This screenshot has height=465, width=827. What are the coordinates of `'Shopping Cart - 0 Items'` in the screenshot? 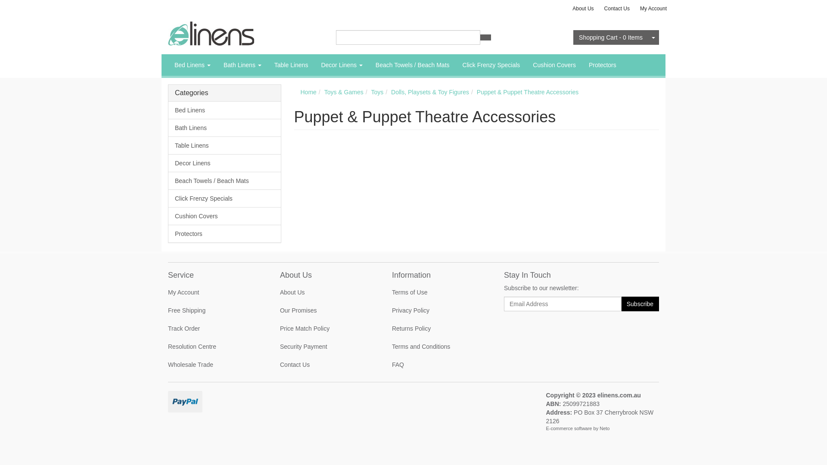 It's located at (610, 37).